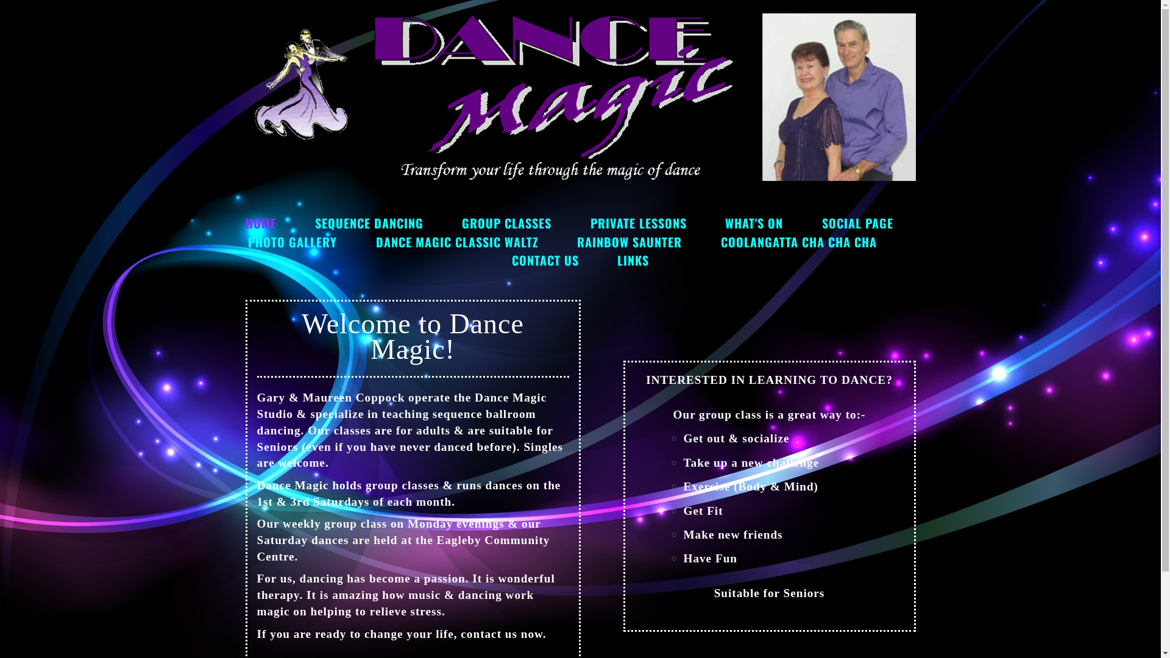 The image size is (1170, 658). I want to click on 'CONTACT US', so click(544, 260).